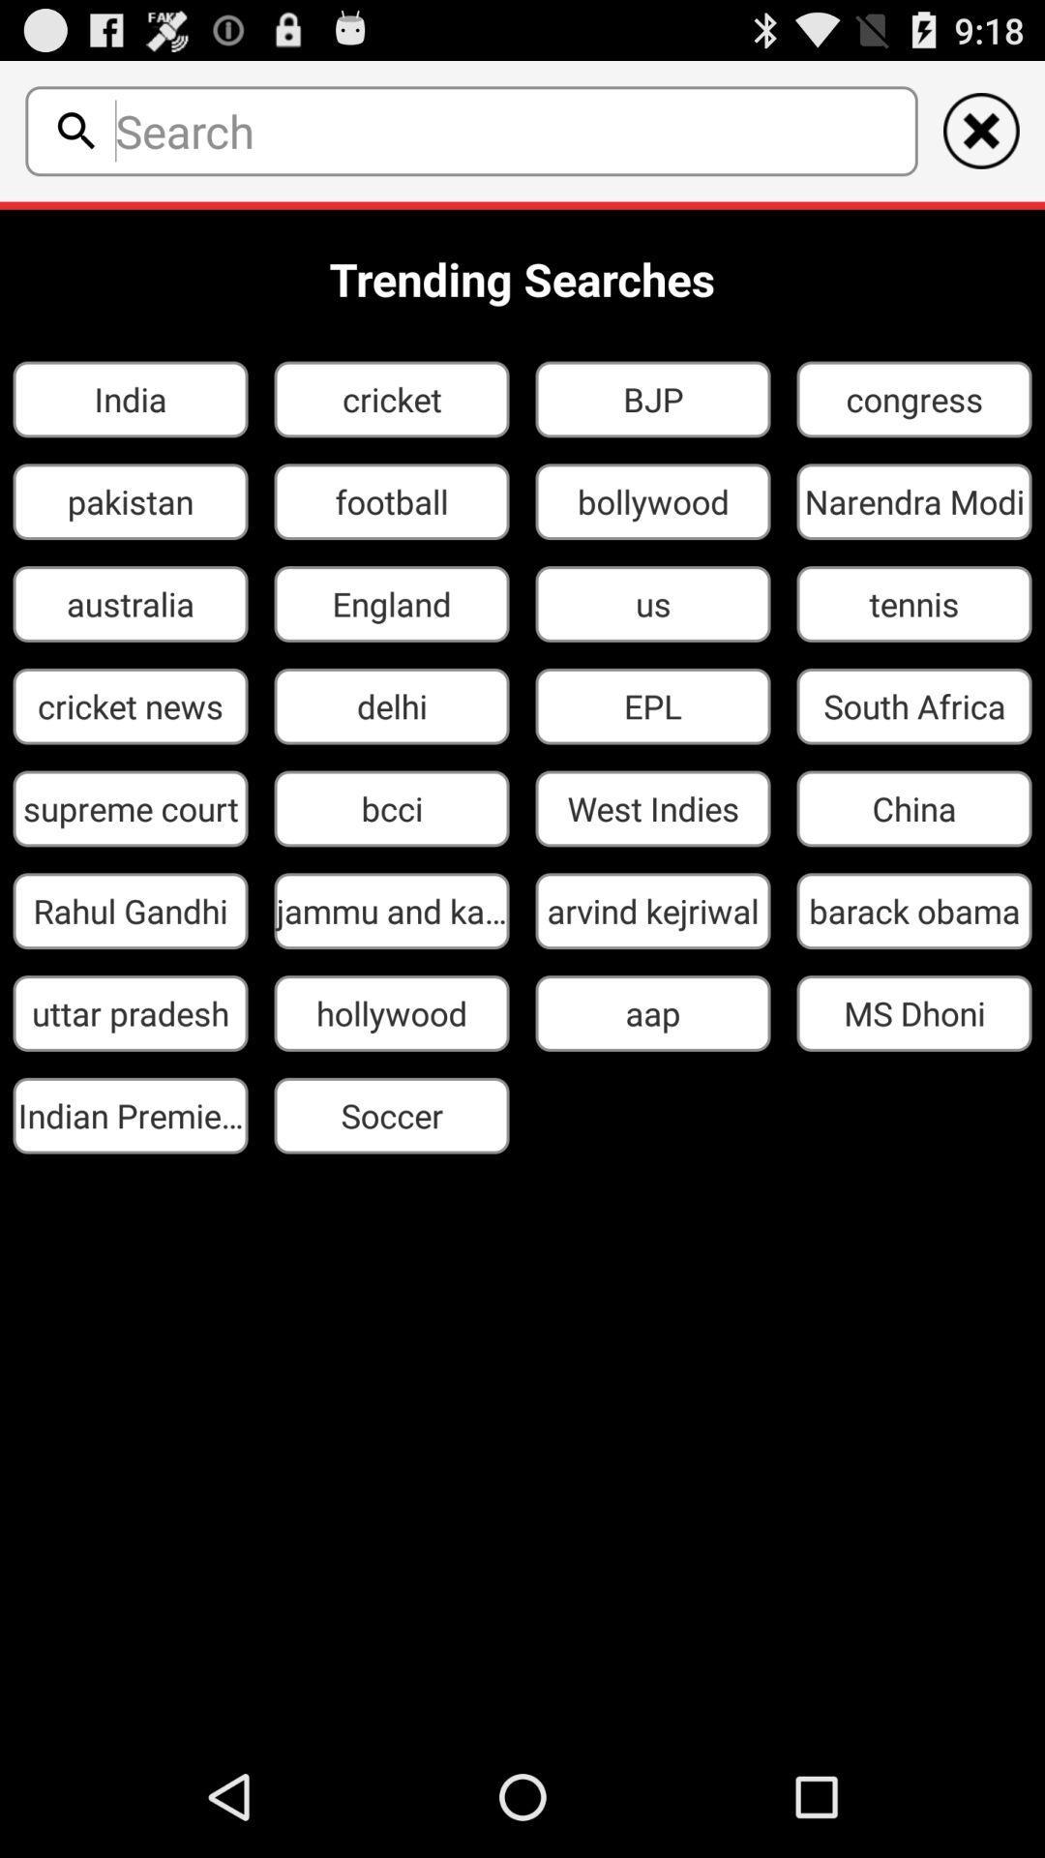 The width and height of the screenshot is (1045, 1858). What do you see at coordinates (509, 130) in the screenshot?
I see `search window` at bounding box center [509, 130].